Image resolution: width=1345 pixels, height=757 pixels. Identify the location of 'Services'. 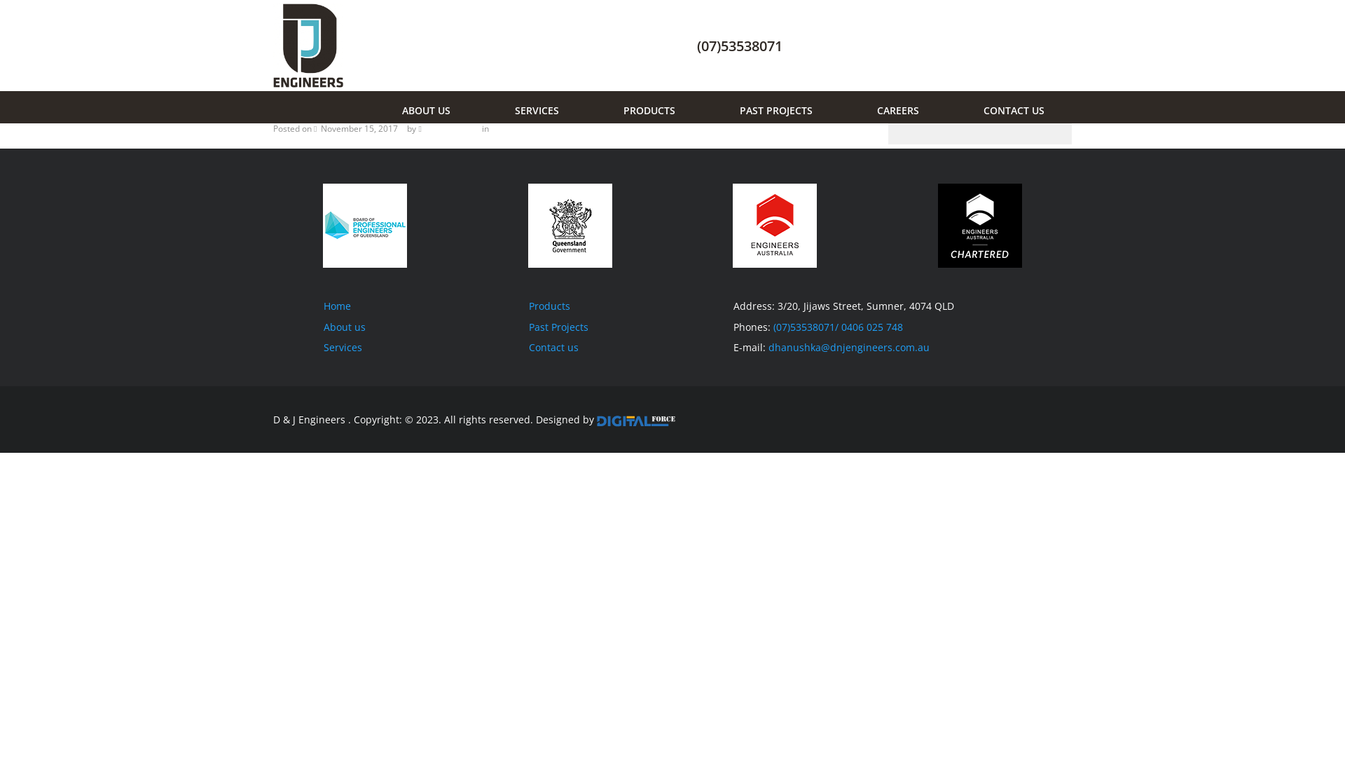
(322, 347).